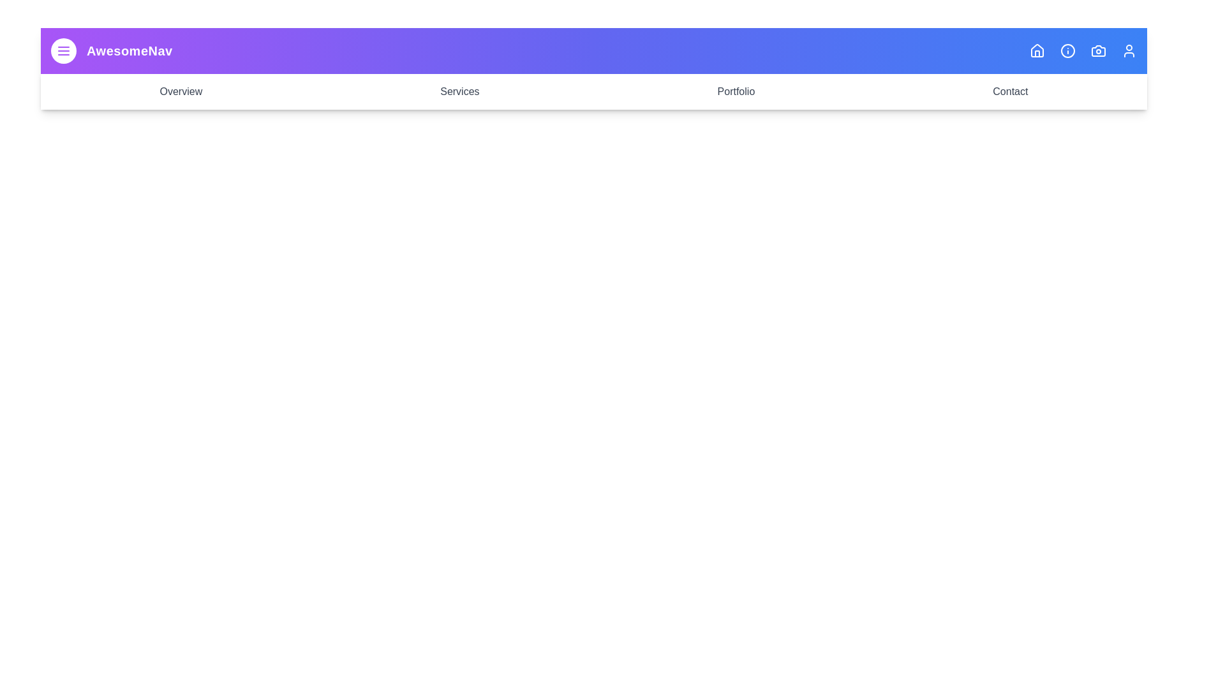 This screenshot has height=689, width=1225. What do you see at coordinates (1098, 50) in the screenshot?
I see `the Camera icon in the app bar` at bounding box center [1098, 50].